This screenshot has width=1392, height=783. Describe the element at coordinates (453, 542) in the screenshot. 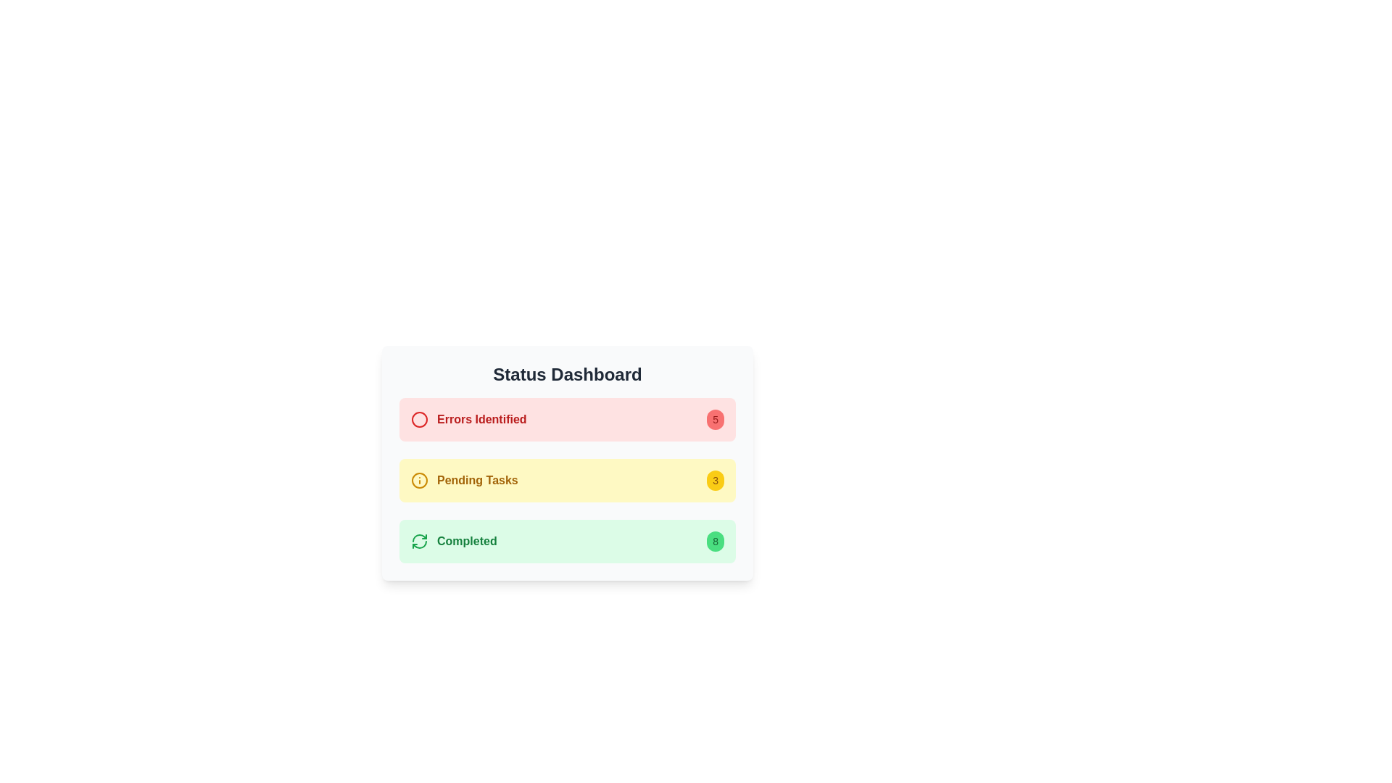

I see `the status indicator text label with an icon located in the bottom item of a vertically stacked list, within the light green section labeled 'Completed', adjacent to the indicator showing the number 8` at that location.